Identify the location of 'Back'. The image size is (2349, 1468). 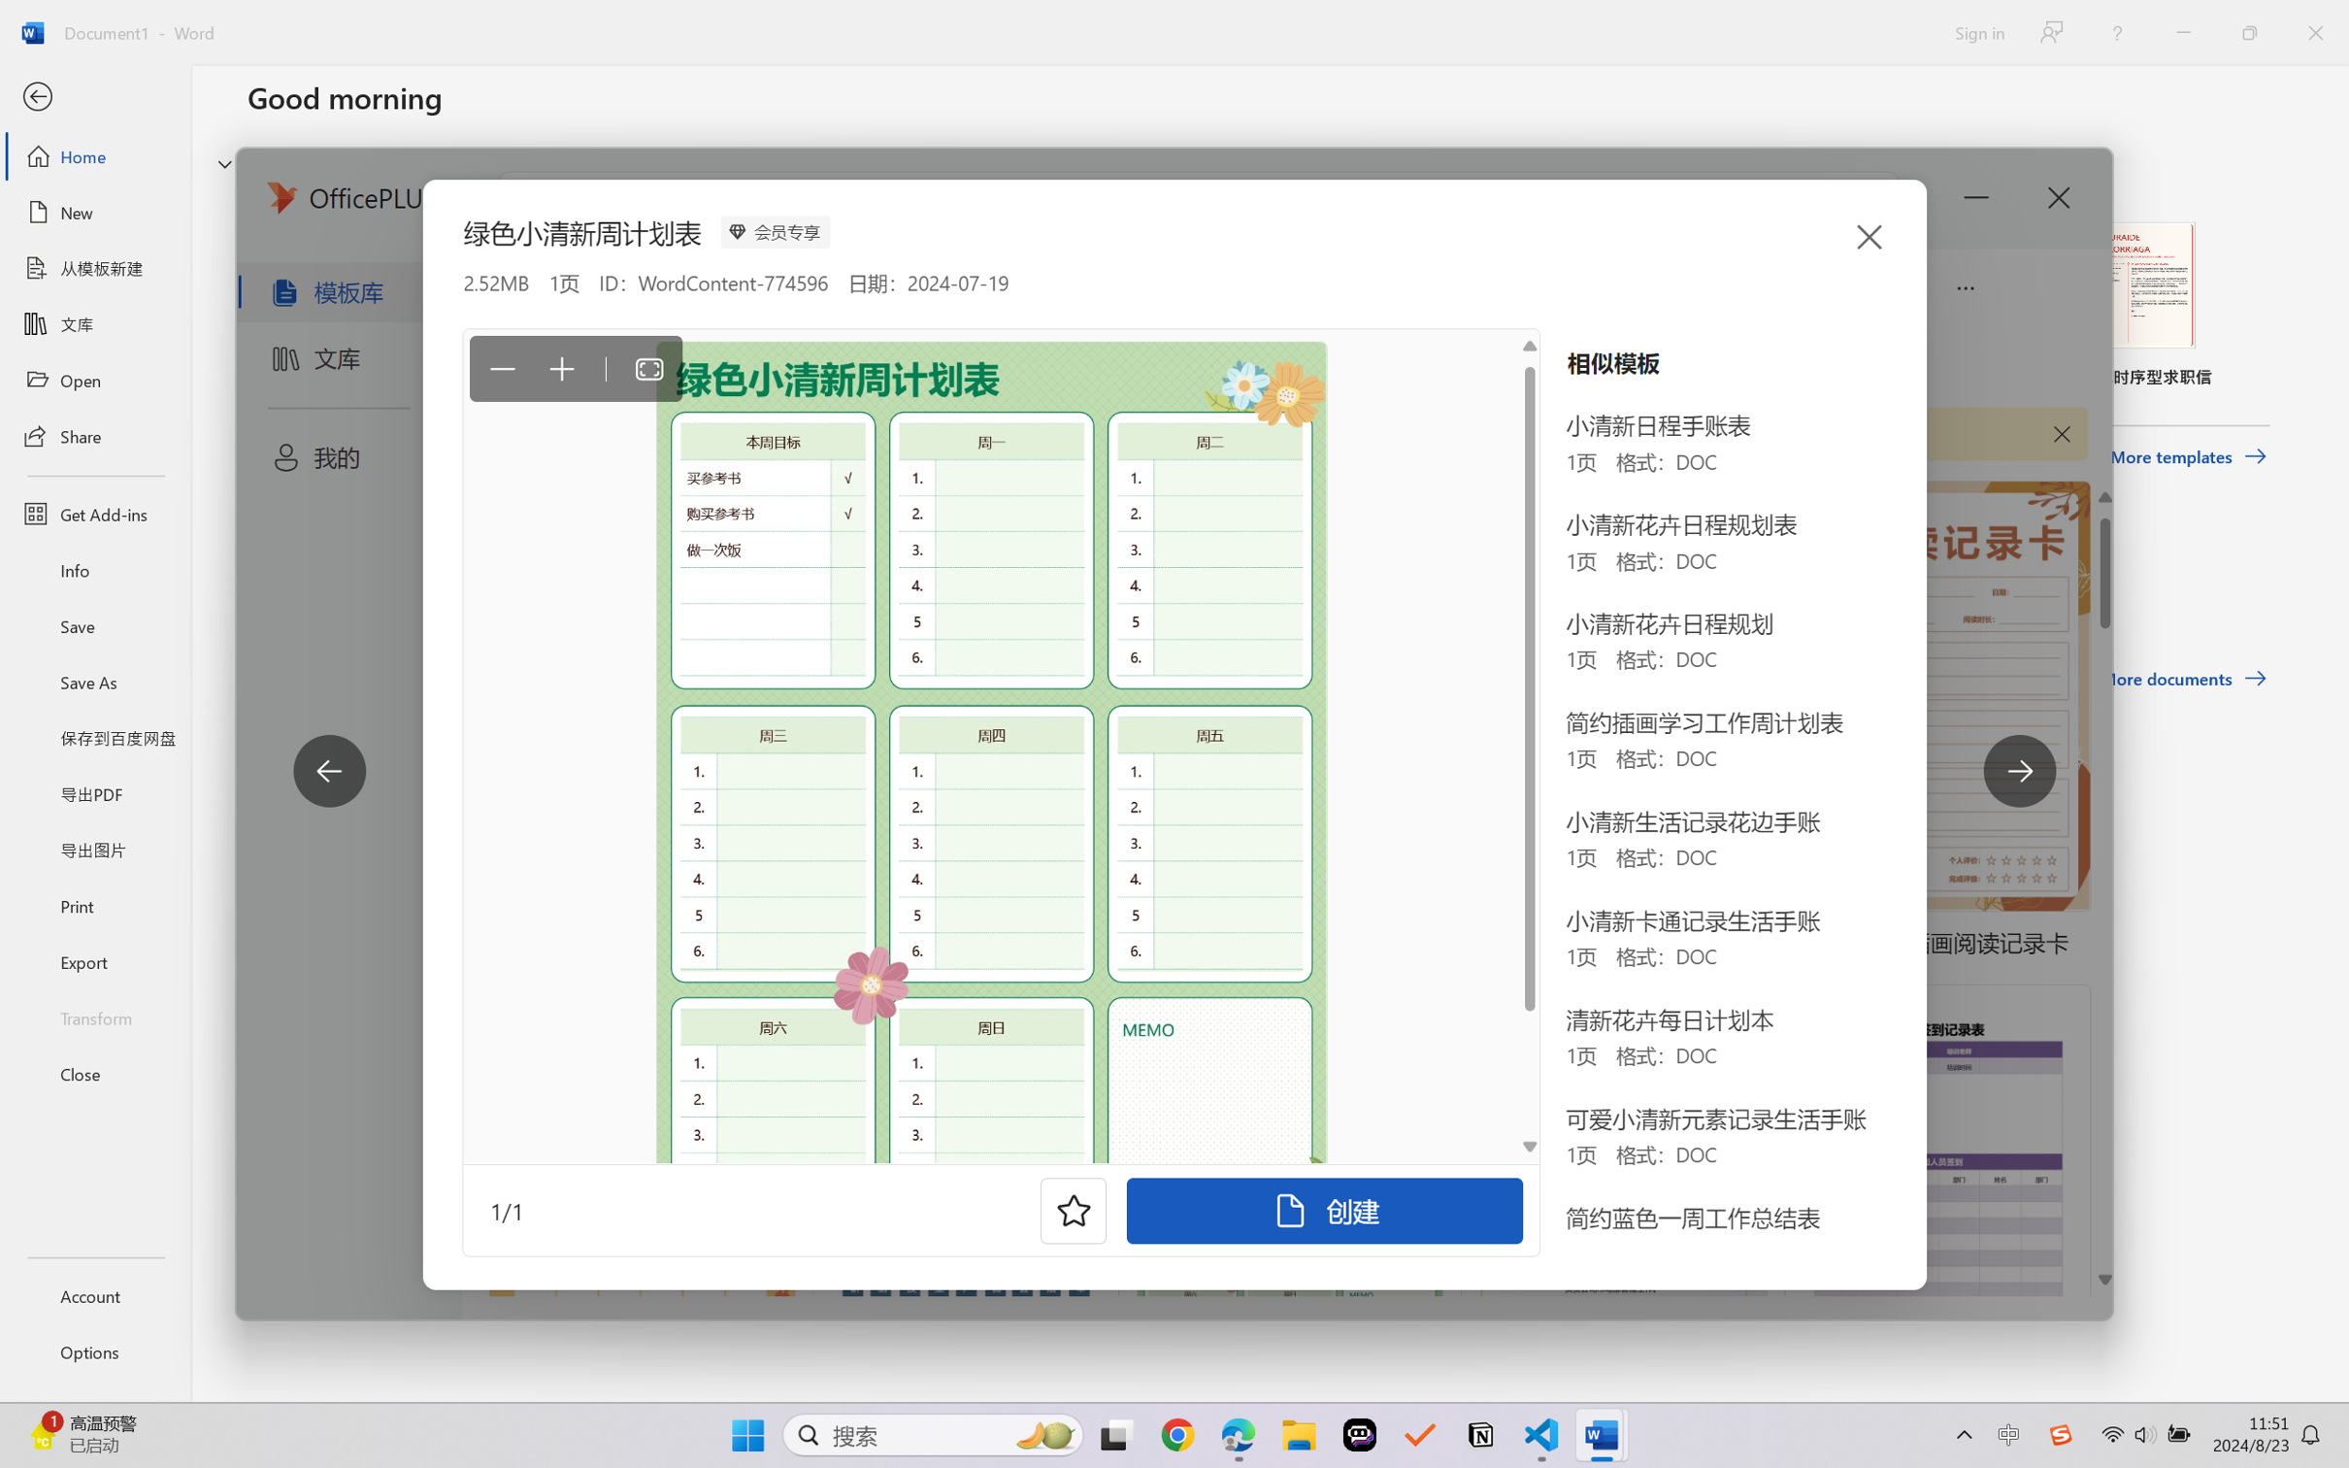
(94, 97).